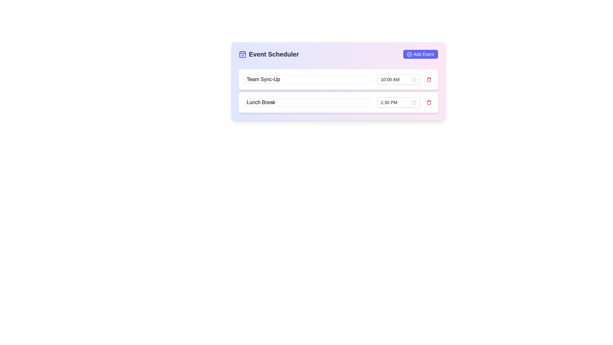  What do you see at coordinates (414, 79) in the screenshot?
I see `the icon located at the rightmost side of the time-picker input field` at bounding box center [414, 79].